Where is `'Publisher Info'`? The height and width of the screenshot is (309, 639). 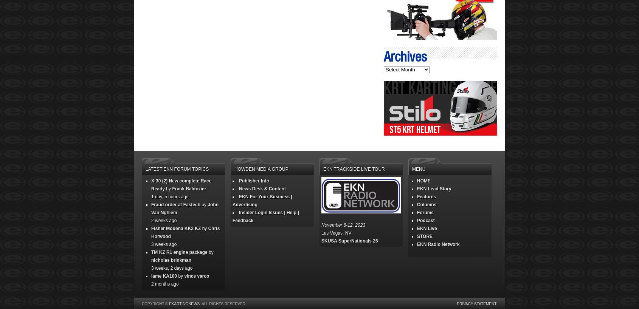
'Publisher Info' is located at coordinates (254, 181).